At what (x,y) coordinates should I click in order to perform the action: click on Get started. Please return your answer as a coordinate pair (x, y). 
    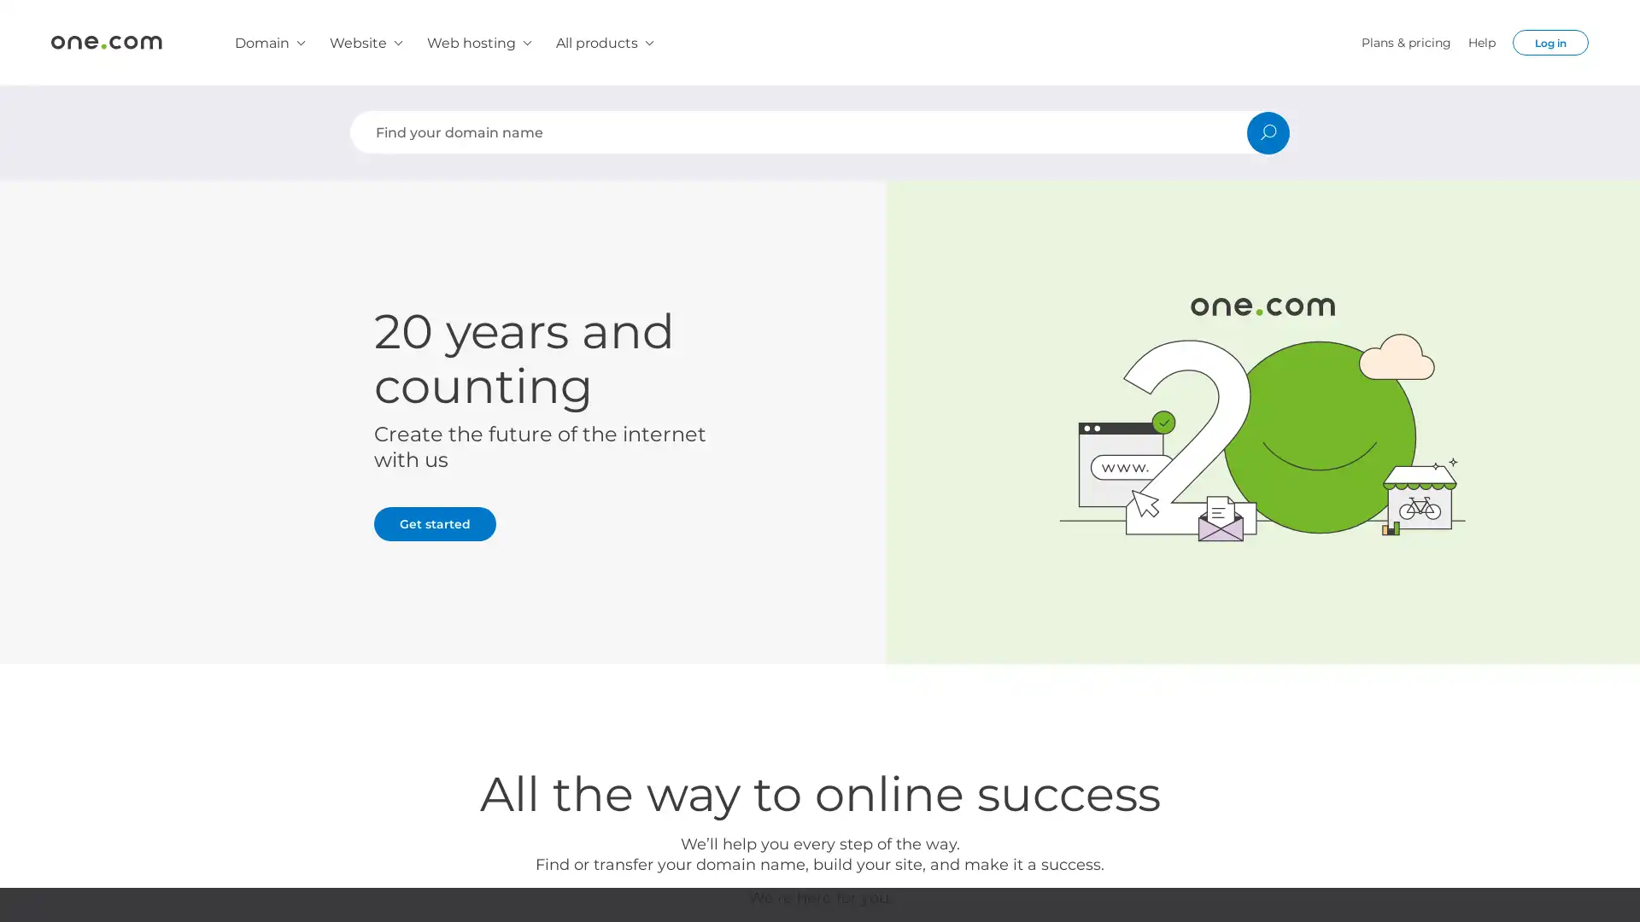
    Looking at the image, I should click on (435, 522).